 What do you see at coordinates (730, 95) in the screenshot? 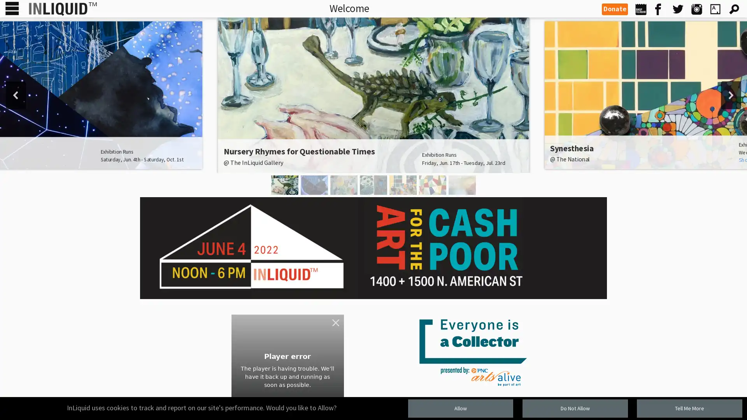
I see `next arrow` at bounding box center [730, 95].